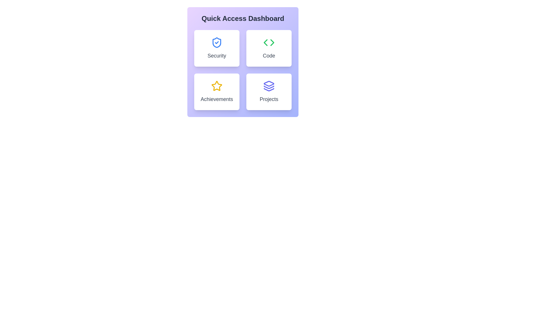  Describe the element at coordinates (217, 42) in the screenshot. I see `the shield-like icon in the top-left quadrant of the 'Quick Access Dashboard' card labeled 'Security', which features a blue fill and a white checkmark overlay` at that location.